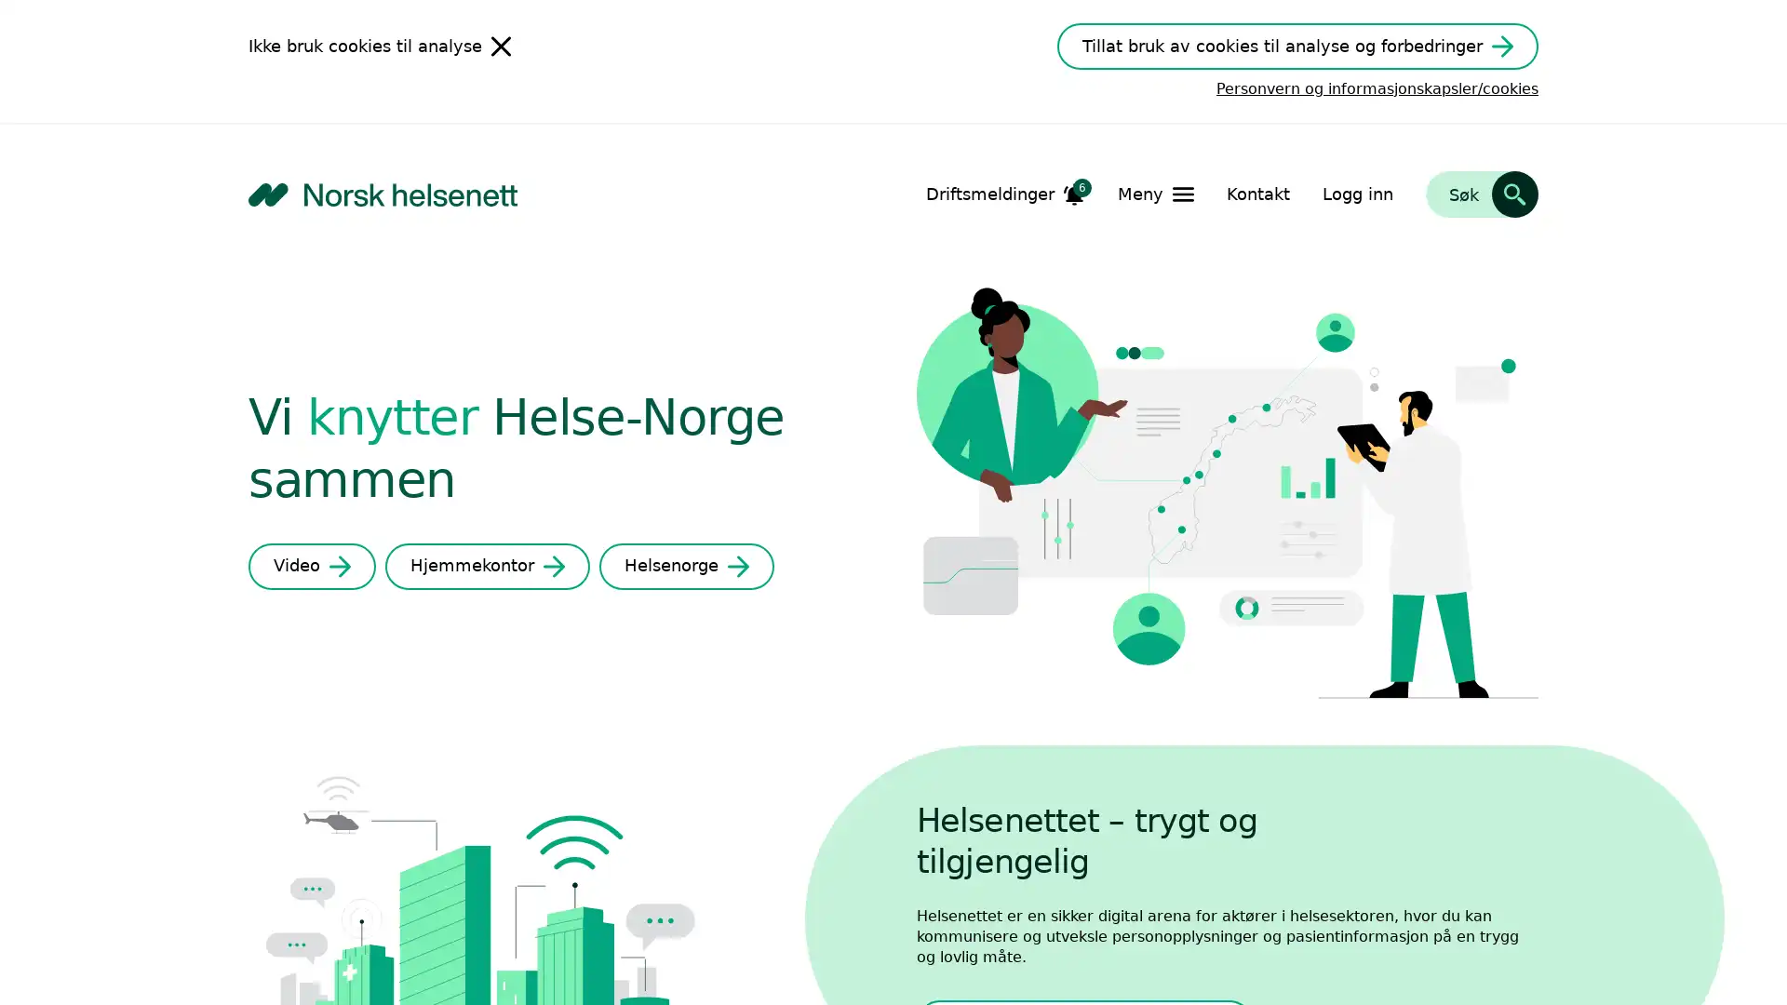  Describe the element at coordinates (379, 46) in the screenshot. I see `Ikke bruk cookies til analyse` at that location.